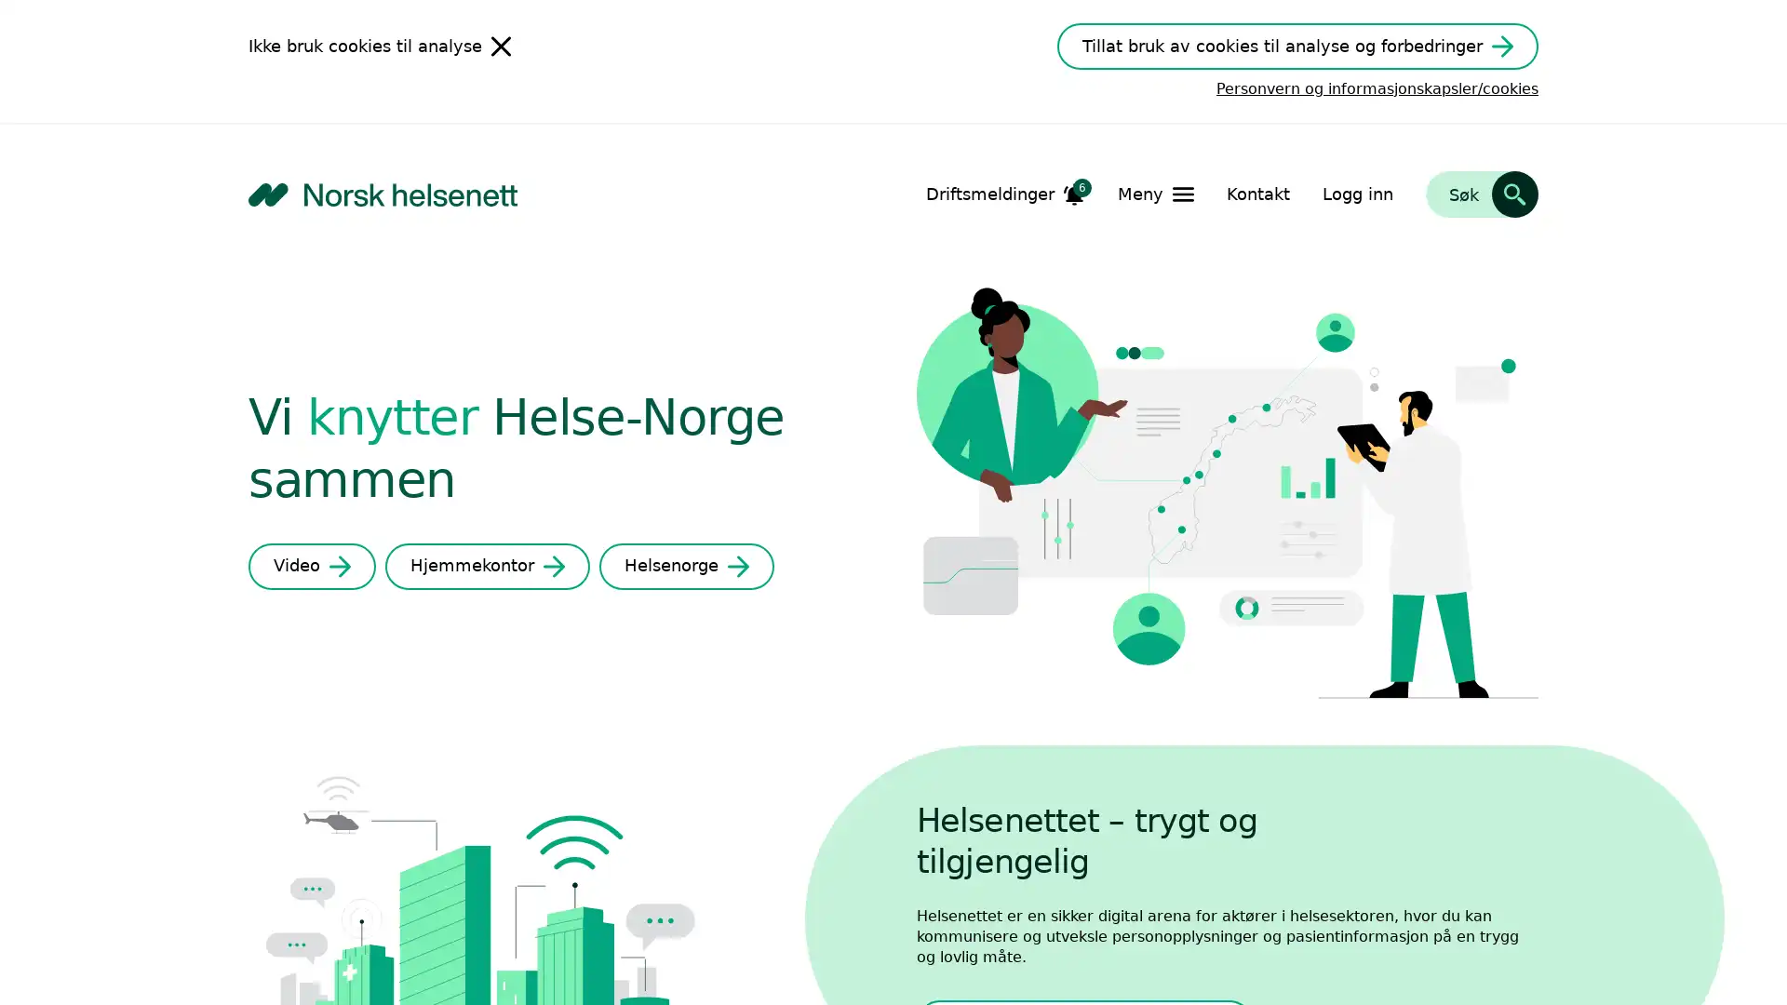  Describe the element at coordinates (379, 46) in the screenshot. I see `Ikke bruk cookies til analyse` at that location.